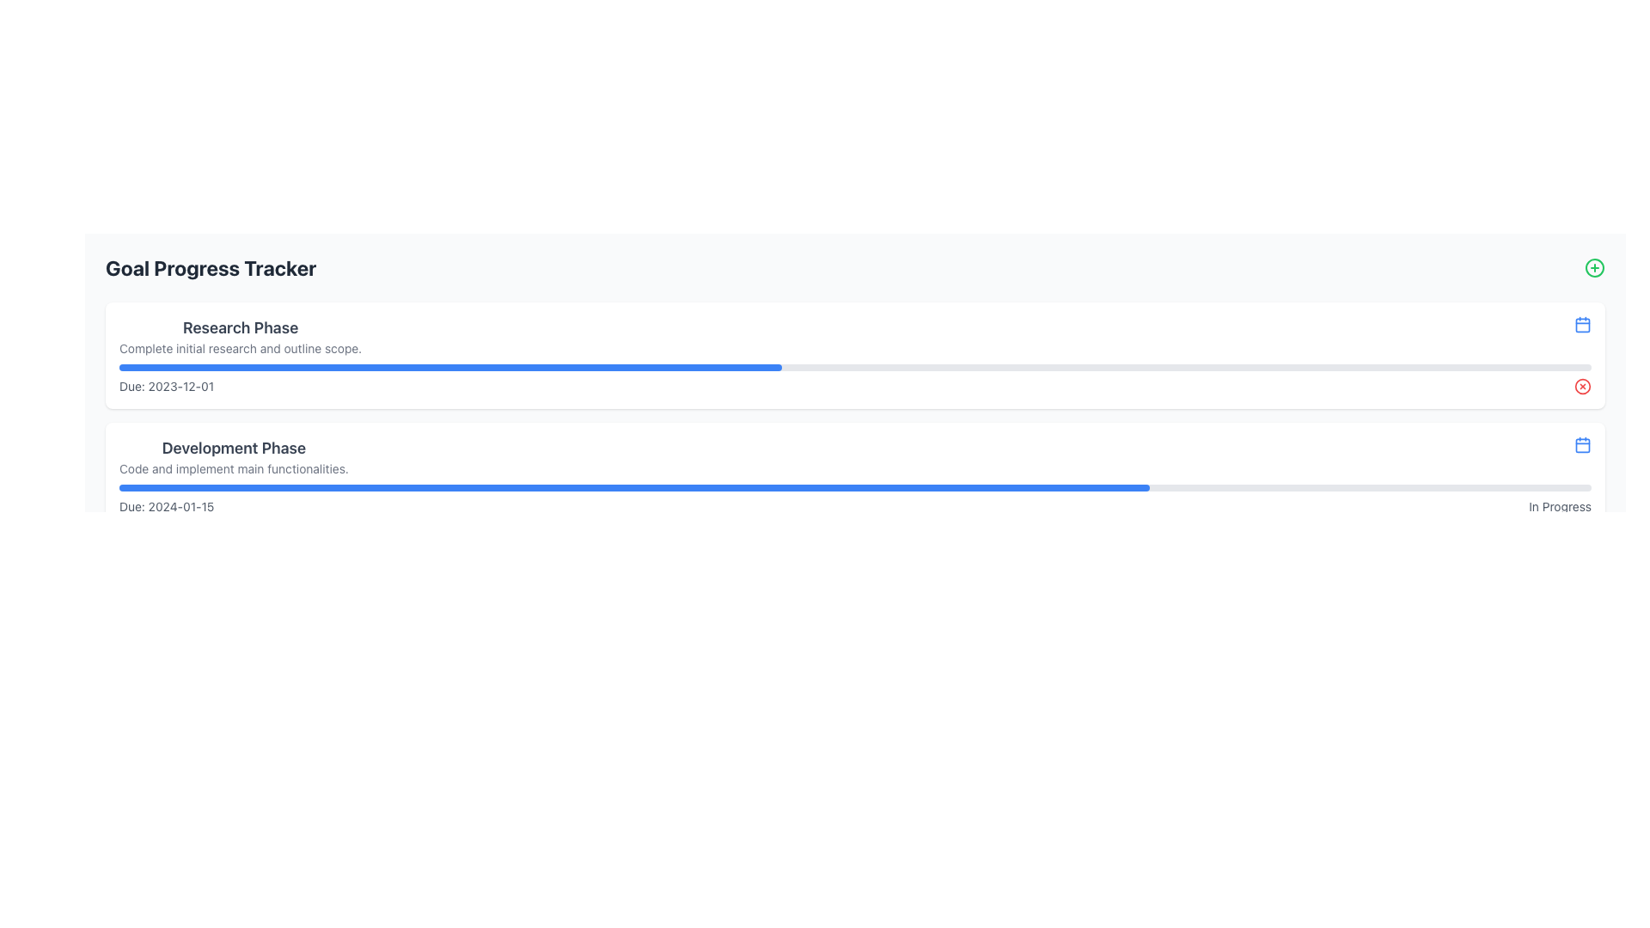  I want to click on the calendar icon located at the top-right corner of the 'Research Phase' section, so click(1582, 325).